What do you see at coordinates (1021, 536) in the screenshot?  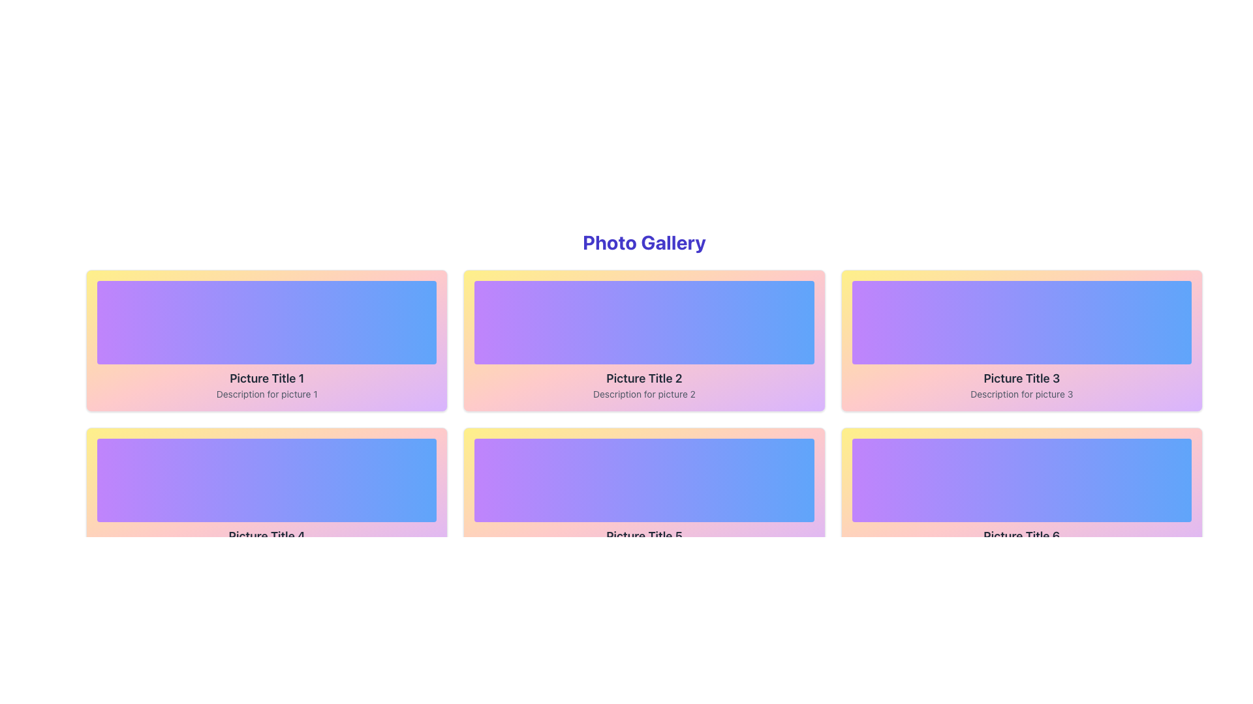 I see `the text label located in the bottom-right card of a 2-row, 3-column grid layout, which provides a descriptive name for the image above the description text` at bounding box center [1021, 536].